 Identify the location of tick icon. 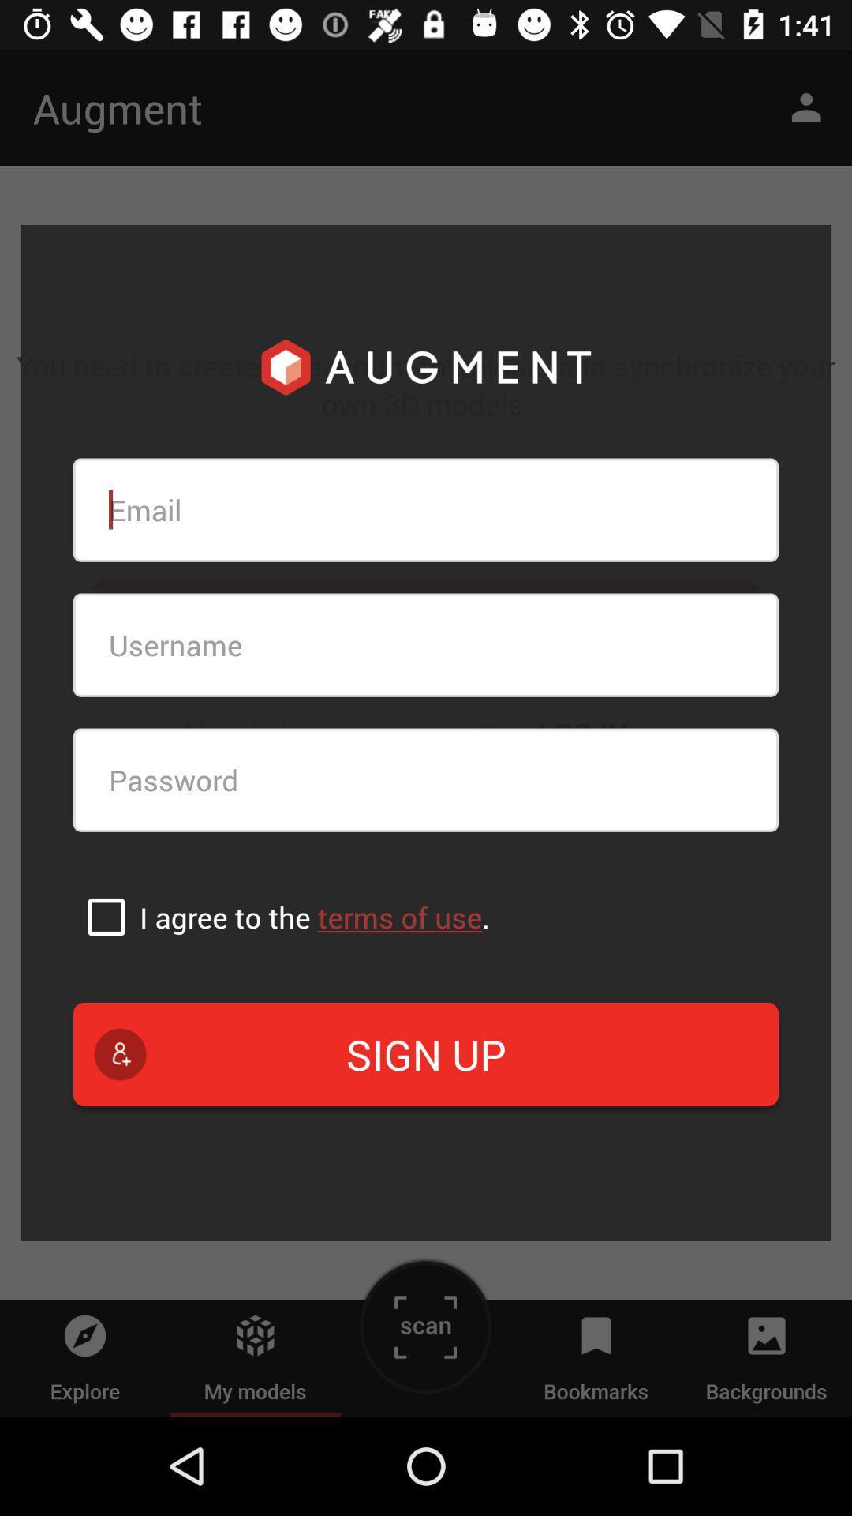
(106, 917).